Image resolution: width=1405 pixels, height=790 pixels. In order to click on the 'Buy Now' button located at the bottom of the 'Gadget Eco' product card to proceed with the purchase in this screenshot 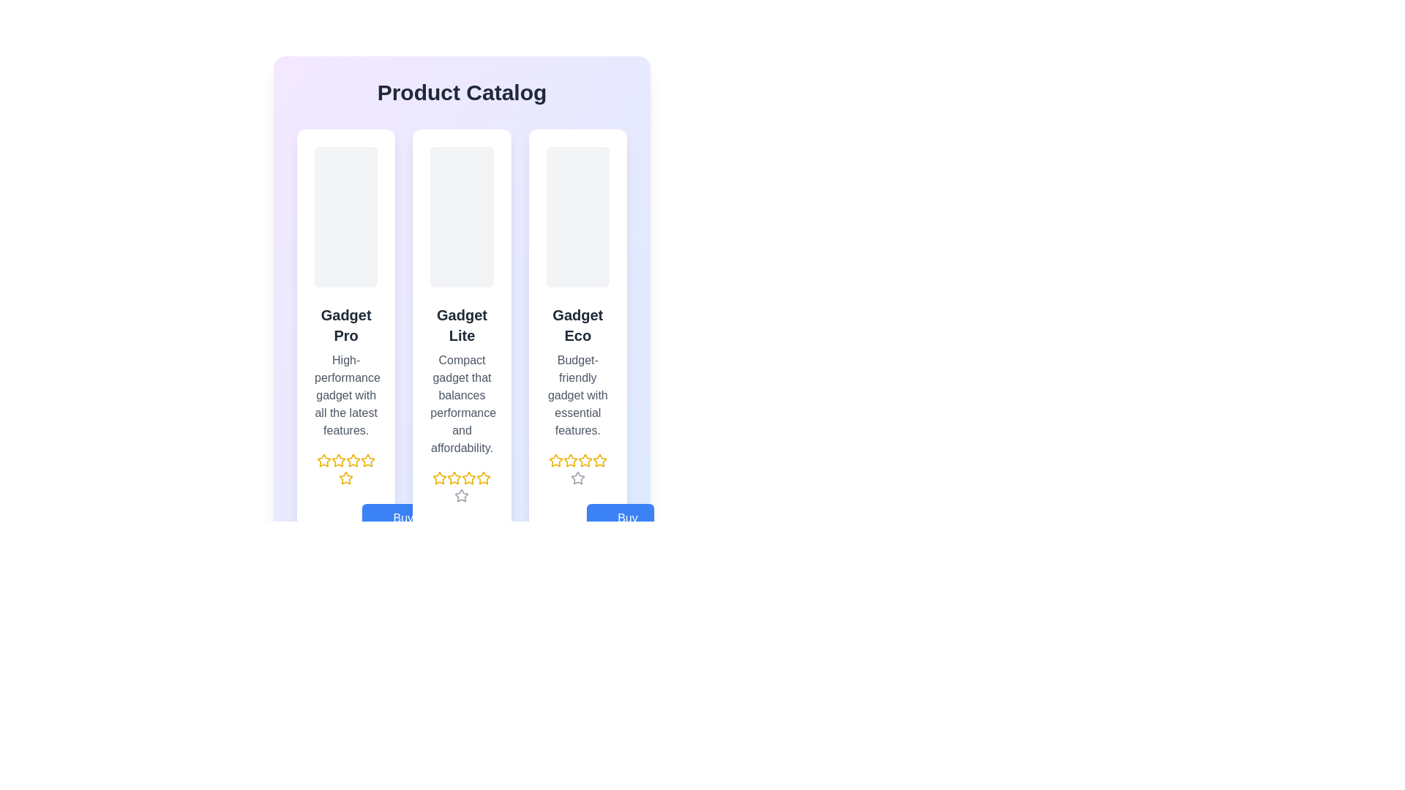, I will do `click(577, 527)`.